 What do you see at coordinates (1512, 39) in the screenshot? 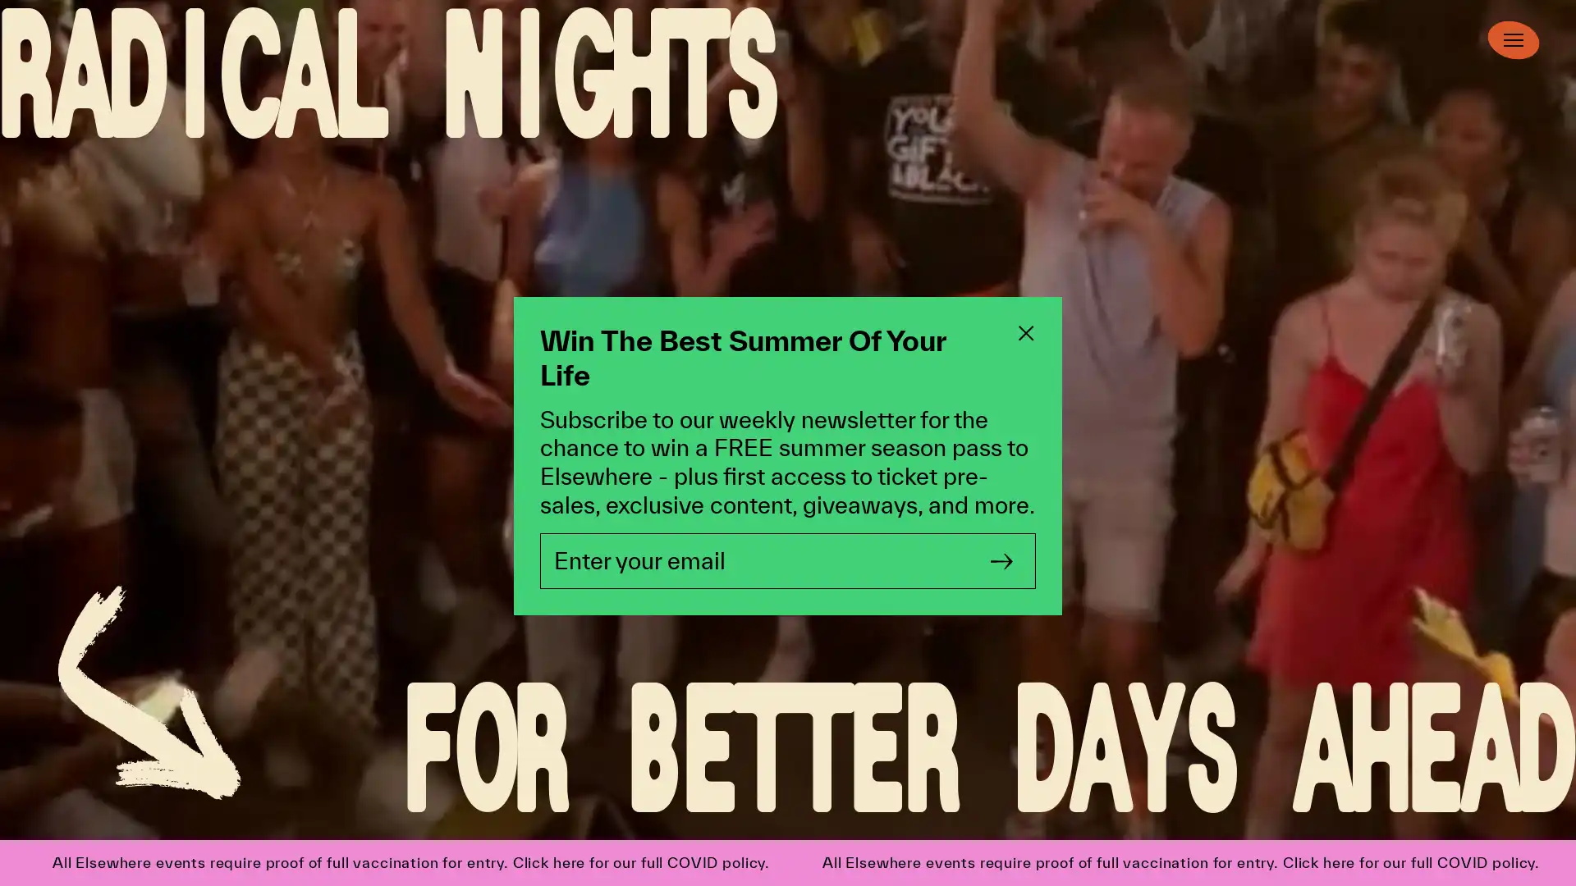
I see `Menu` at bounding box center [1512, 39].